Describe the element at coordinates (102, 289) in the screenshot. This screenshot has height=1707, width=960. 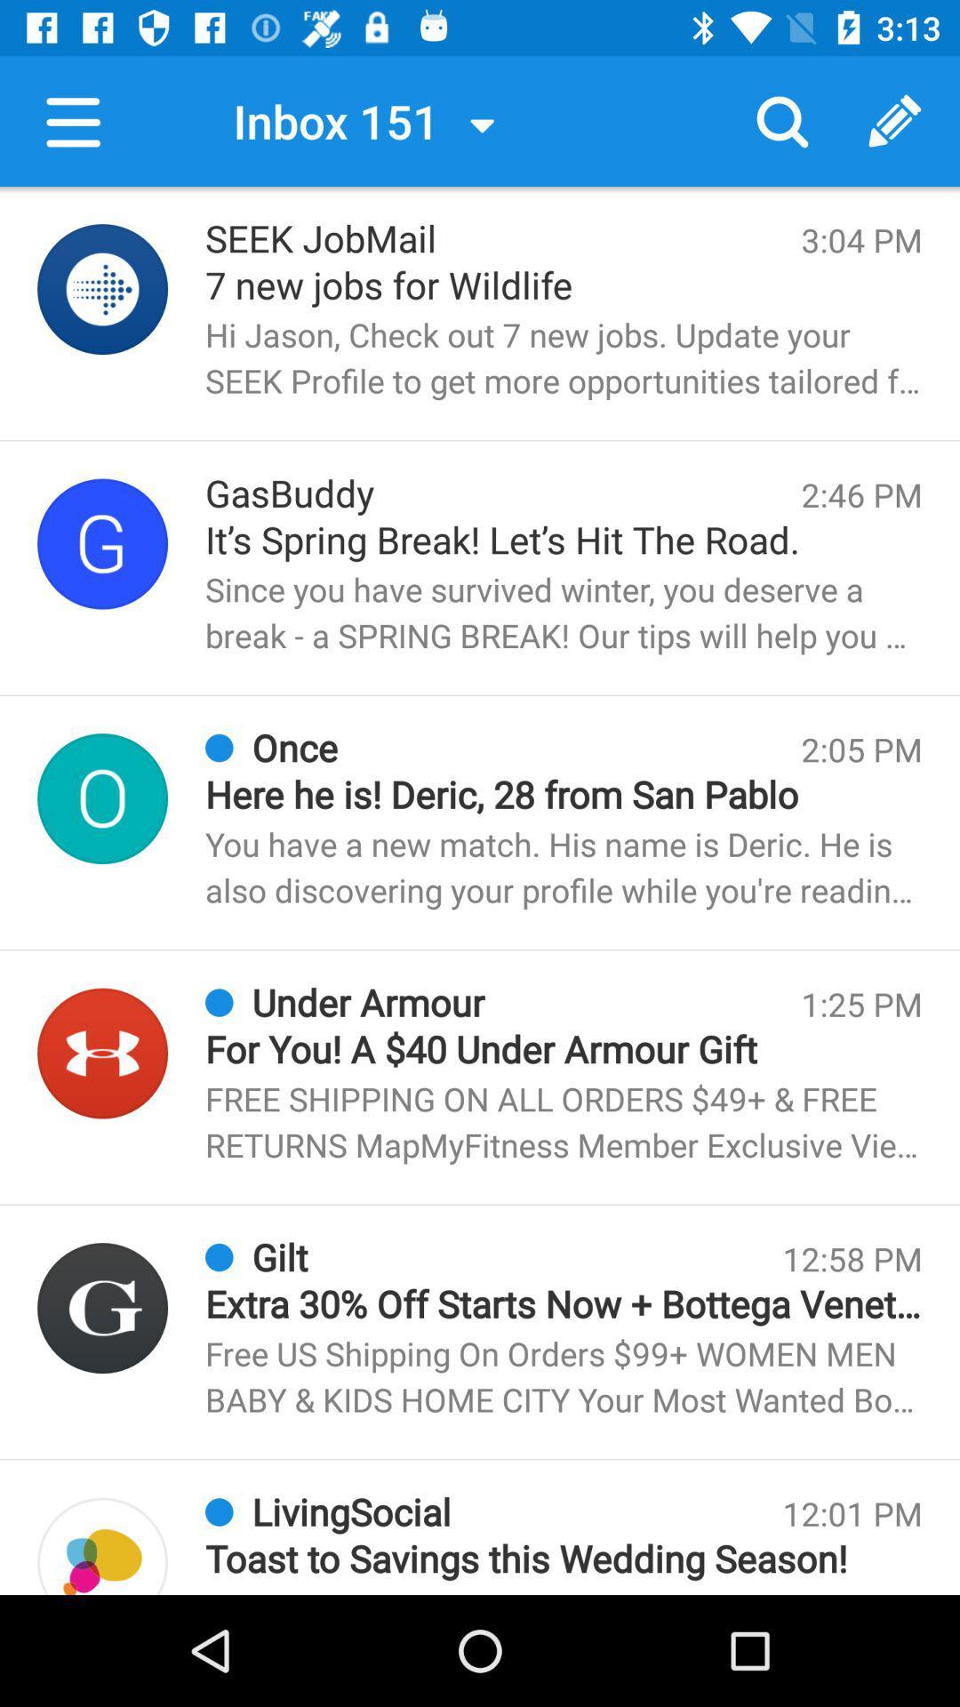
I see `the page` at that location.